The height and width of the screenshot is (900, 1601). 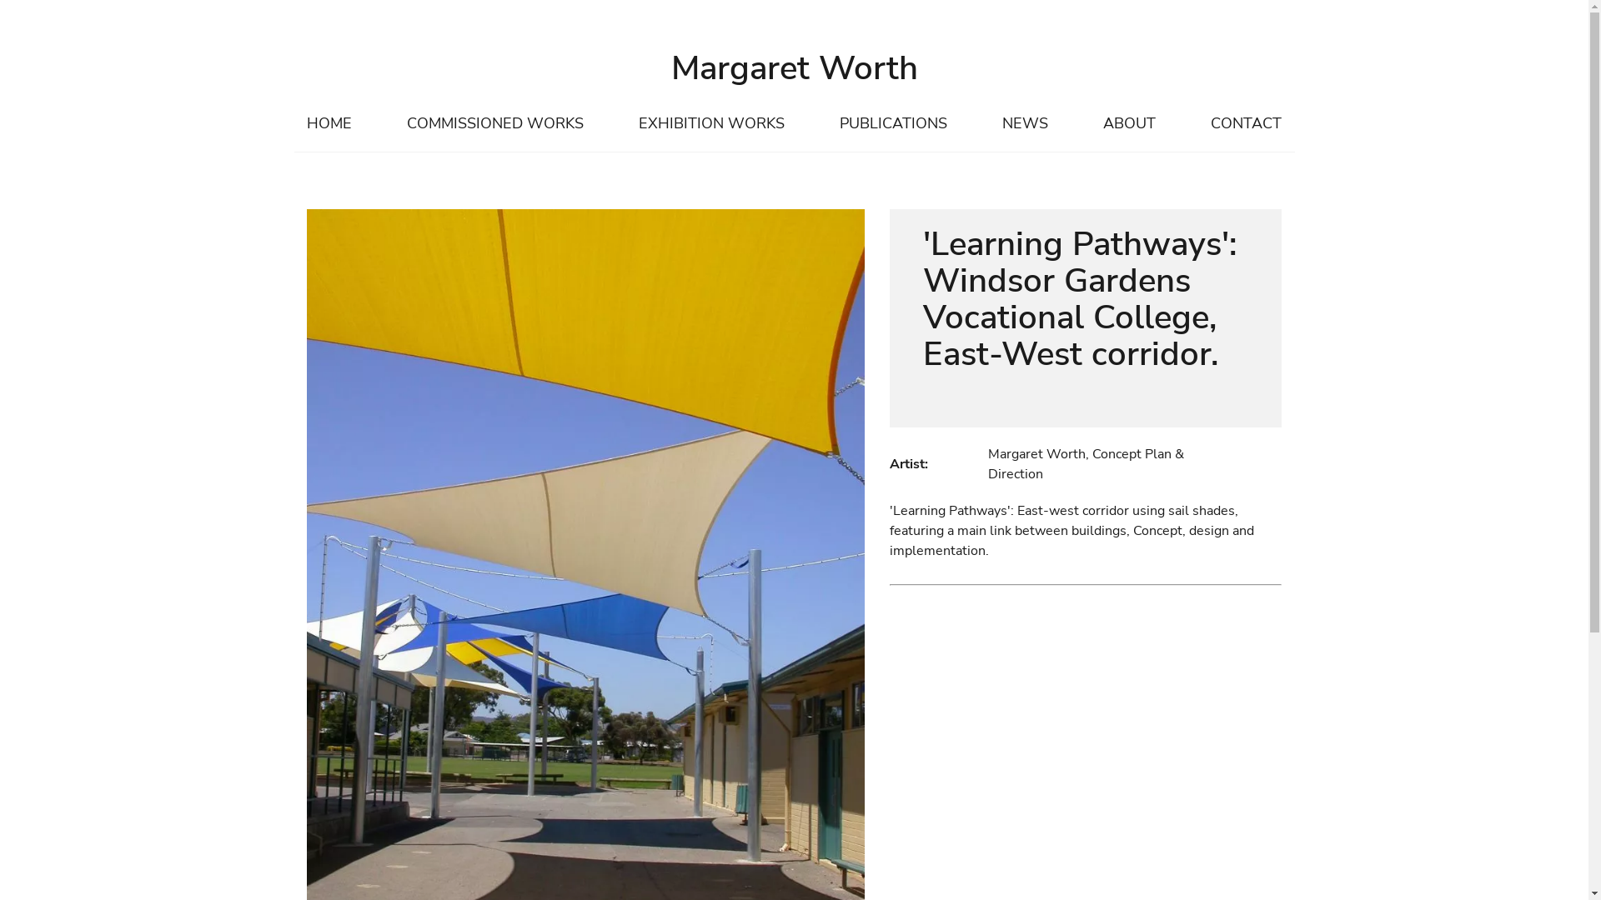 What do you see at coordinates (328, 123) in the screenshot?
I see `'HOME'` at bounding box center [328, 123].